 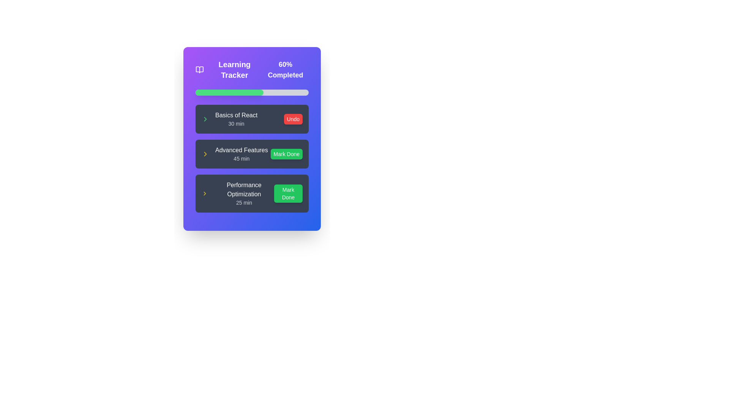 What do you see at coordinates (244, 189) in the screenshot?
I see `the 'Performance Optimization' title text label, which is the primary header in the third content block of a card-like interface` at bounding box center [244, 189].